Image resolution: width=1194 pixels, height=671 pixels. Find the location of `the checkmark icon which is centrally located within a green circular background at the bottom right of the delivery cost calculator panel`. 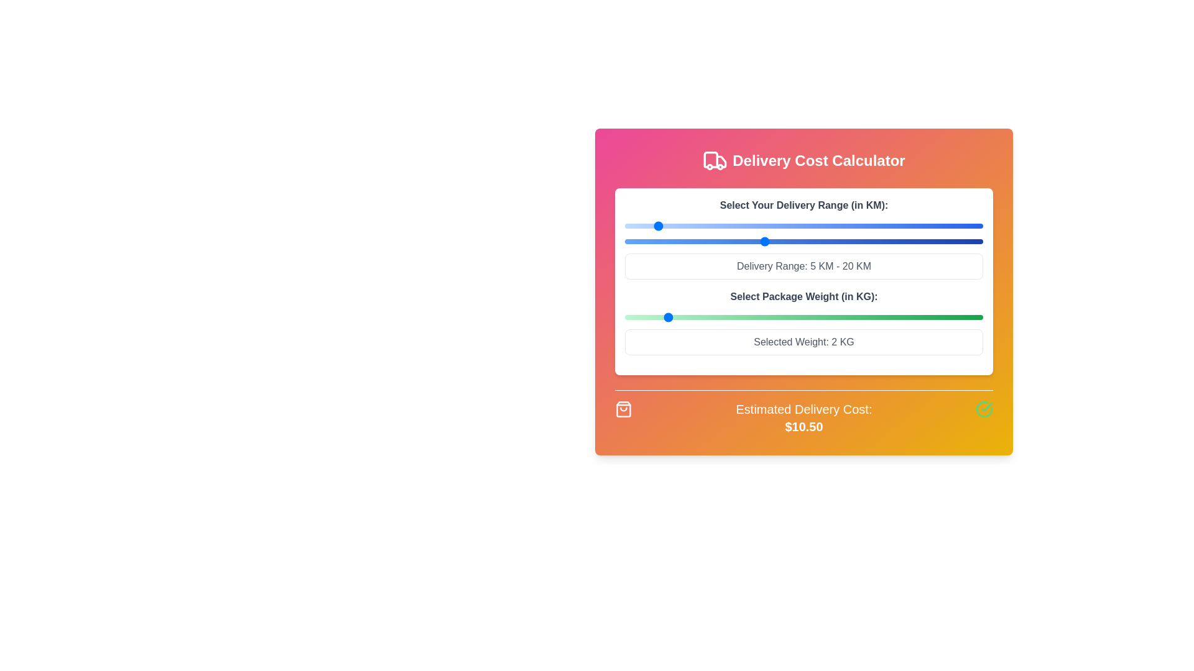

the checkmark icon which is centrally located within a green circular background at the bottom right of the delivery cost calculator panel is located at coordinates (986, 407).